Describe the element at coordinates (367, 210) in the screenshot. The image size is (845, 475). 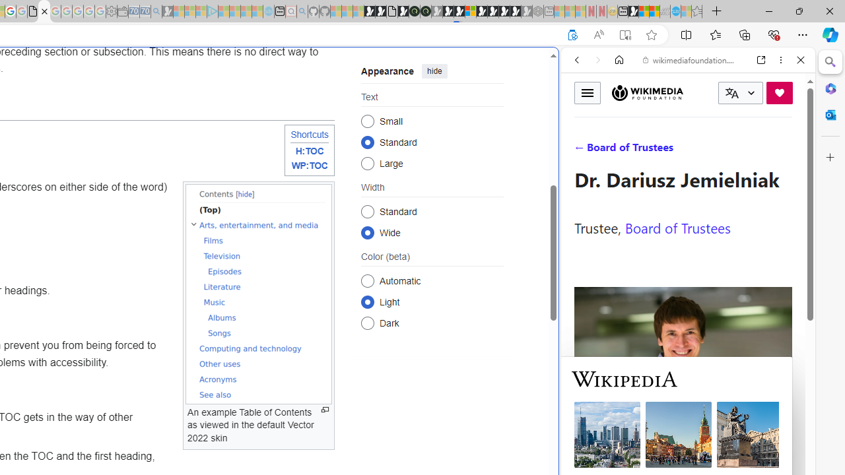
I see `'Standard'` at that location.